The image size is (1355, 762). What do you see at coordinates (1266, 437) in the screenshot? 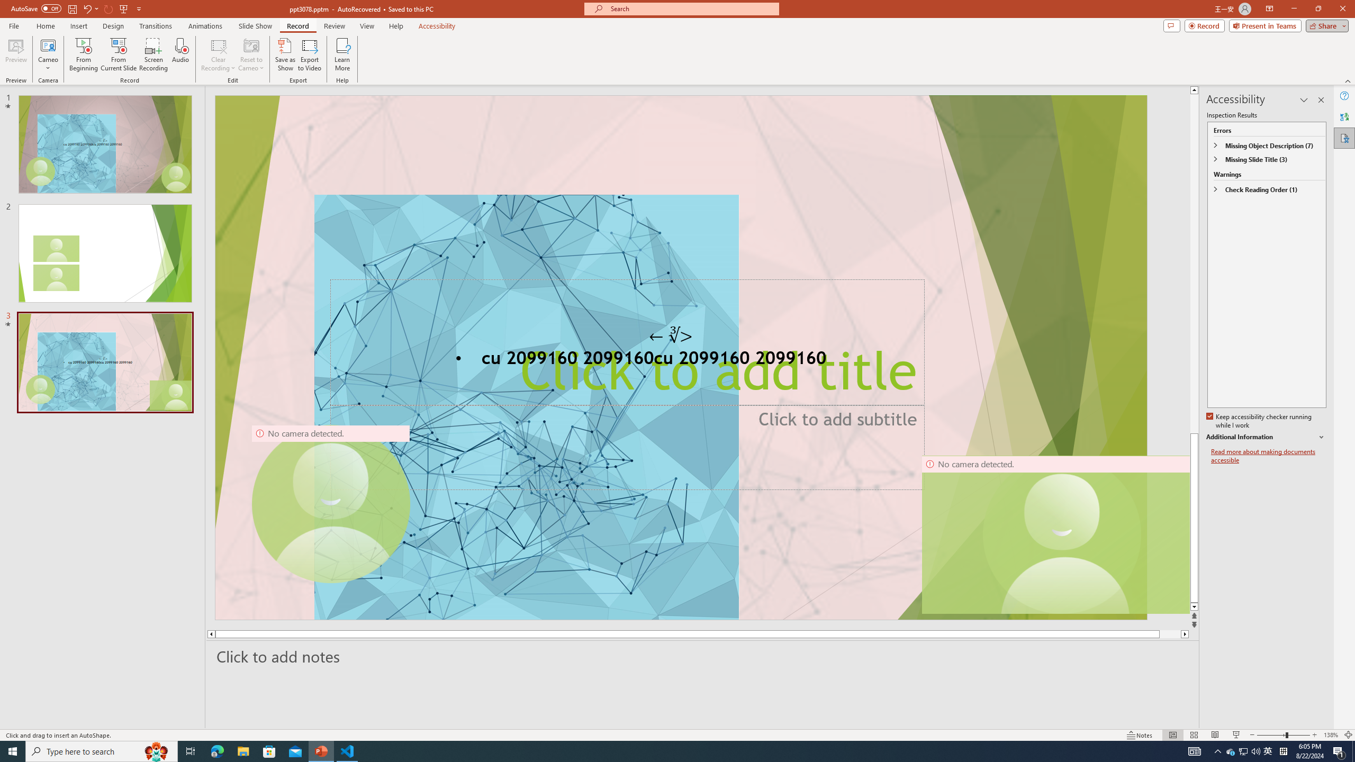
I see `'Additional Information'` at bounding box center [1266, 437].